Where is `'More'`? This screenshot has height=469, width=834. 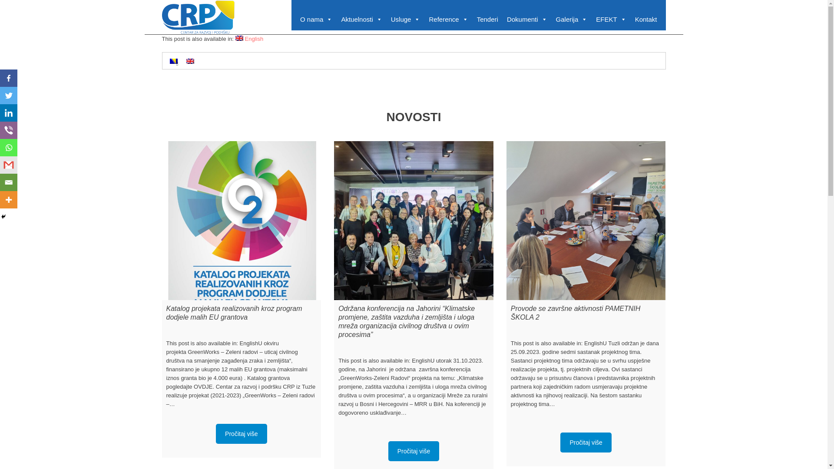 'More' is located at coordinates (8, 199).